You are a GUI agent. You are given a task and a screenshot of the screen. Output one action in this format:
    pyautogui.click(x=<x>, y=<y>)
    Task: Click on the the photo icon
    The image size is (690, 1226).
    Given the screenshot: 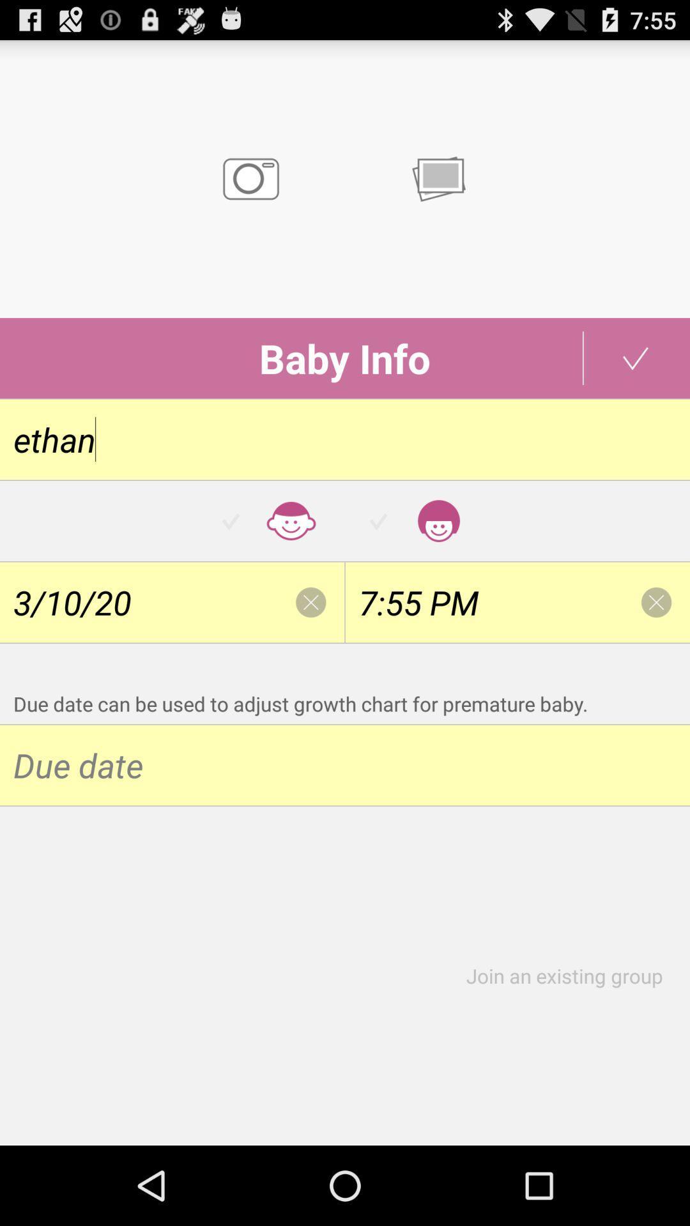 What is the action you would take?
    pyautogui.click(x=251, y=191)
    